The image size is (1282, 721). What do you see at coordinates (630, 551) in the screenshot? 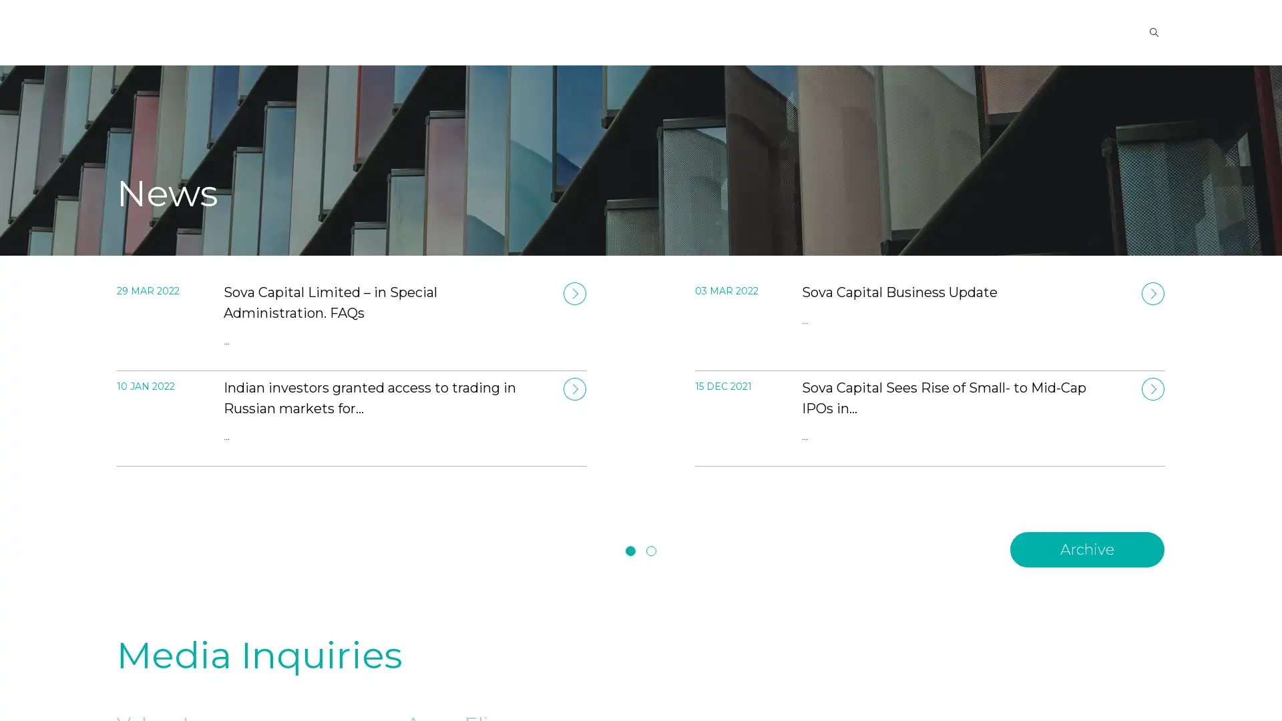
I see `Go to slide 1` at bounding box center [630, 551].